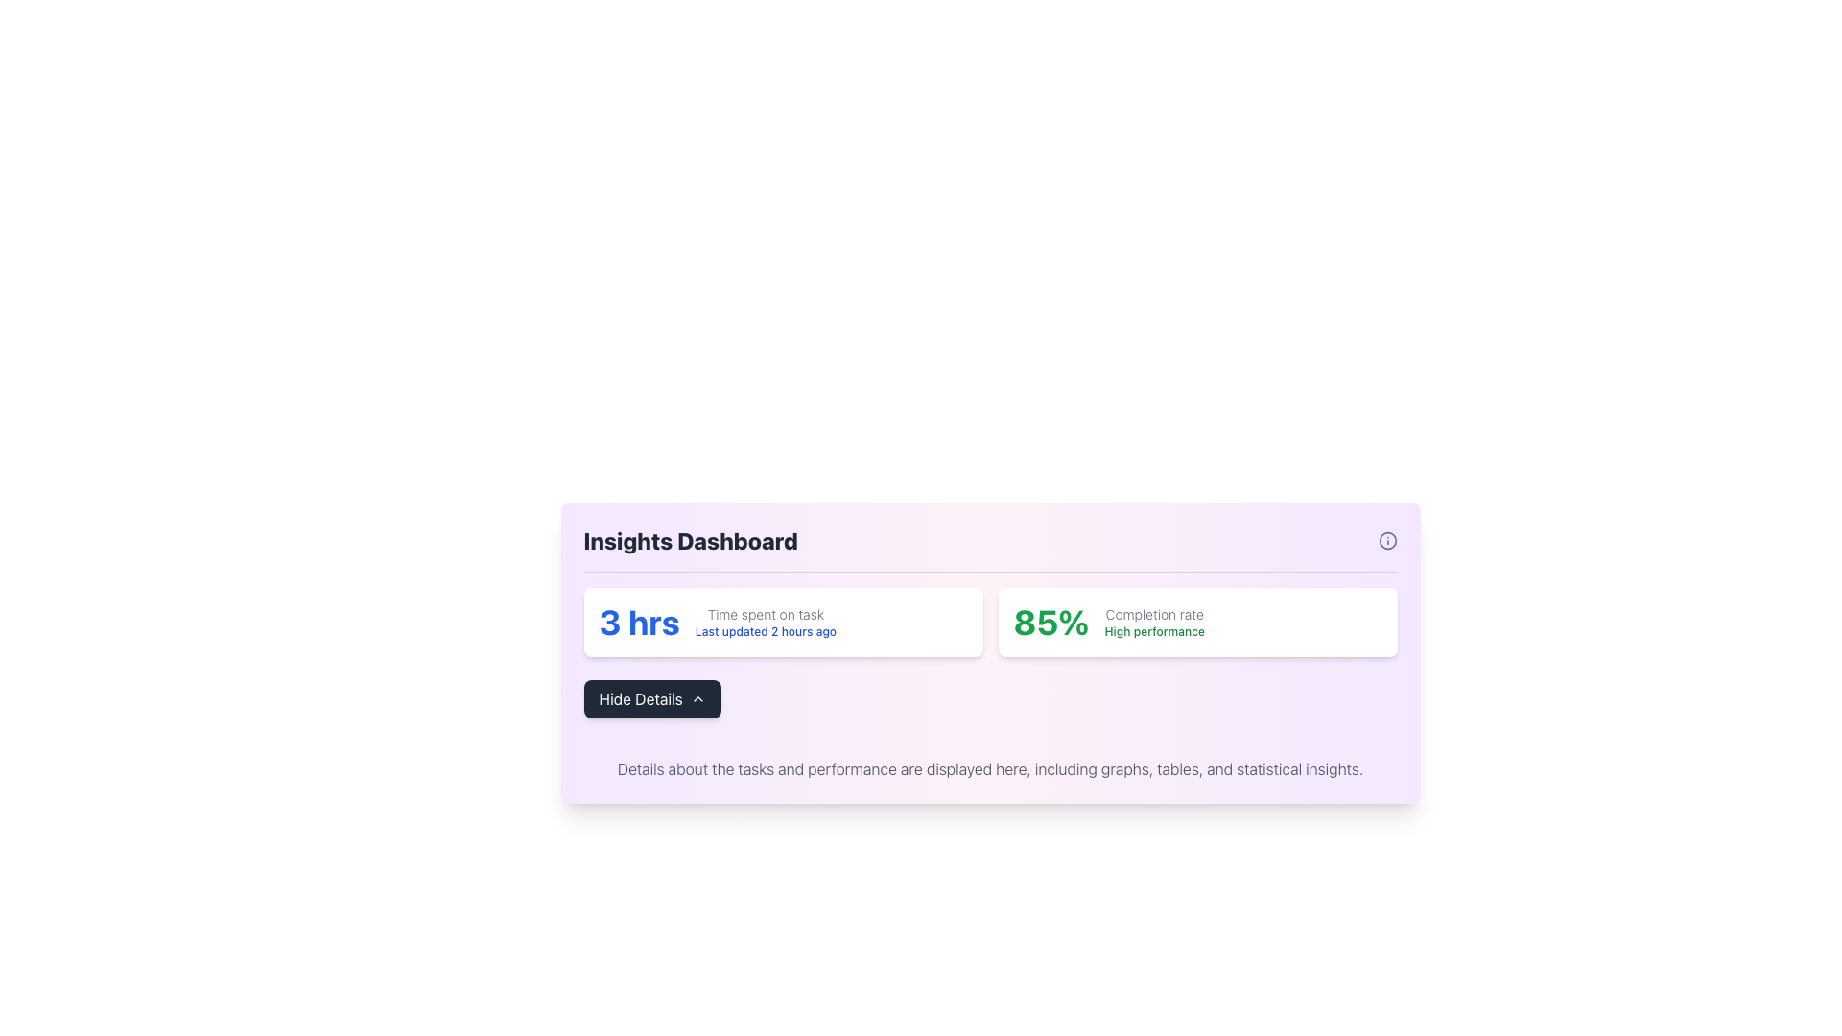  I want to click on the text label located above the 'Last updated 2 hours ago' element in the left-bottom card segment of the dashboard, so click(765, 614).